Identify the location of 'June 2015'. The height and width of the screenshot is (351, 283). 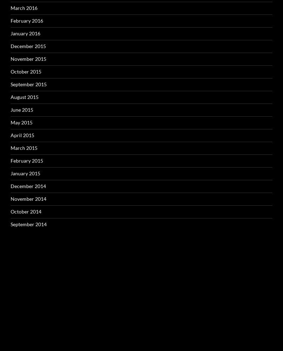
(11, 109).